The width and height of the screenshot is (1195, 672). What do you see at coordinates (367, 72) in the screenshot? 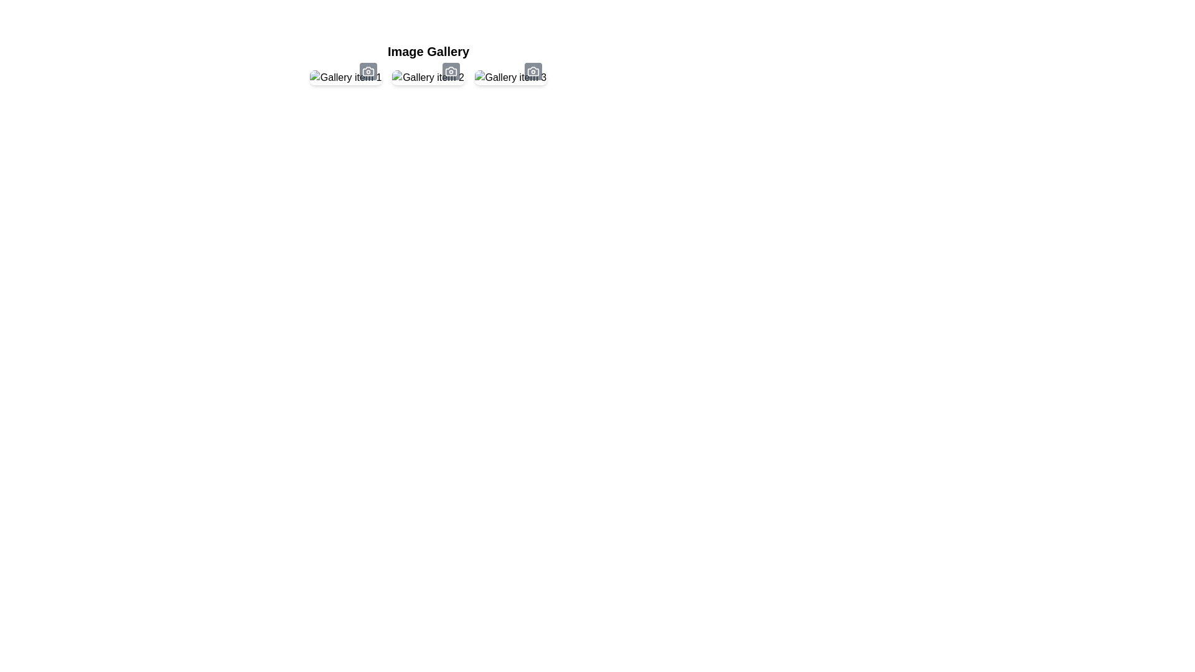
I see `the small, semi-transparent gray button with rounded corners located at the bottom-right corner of the first image in the gallery` at bounding box center [367, 72].